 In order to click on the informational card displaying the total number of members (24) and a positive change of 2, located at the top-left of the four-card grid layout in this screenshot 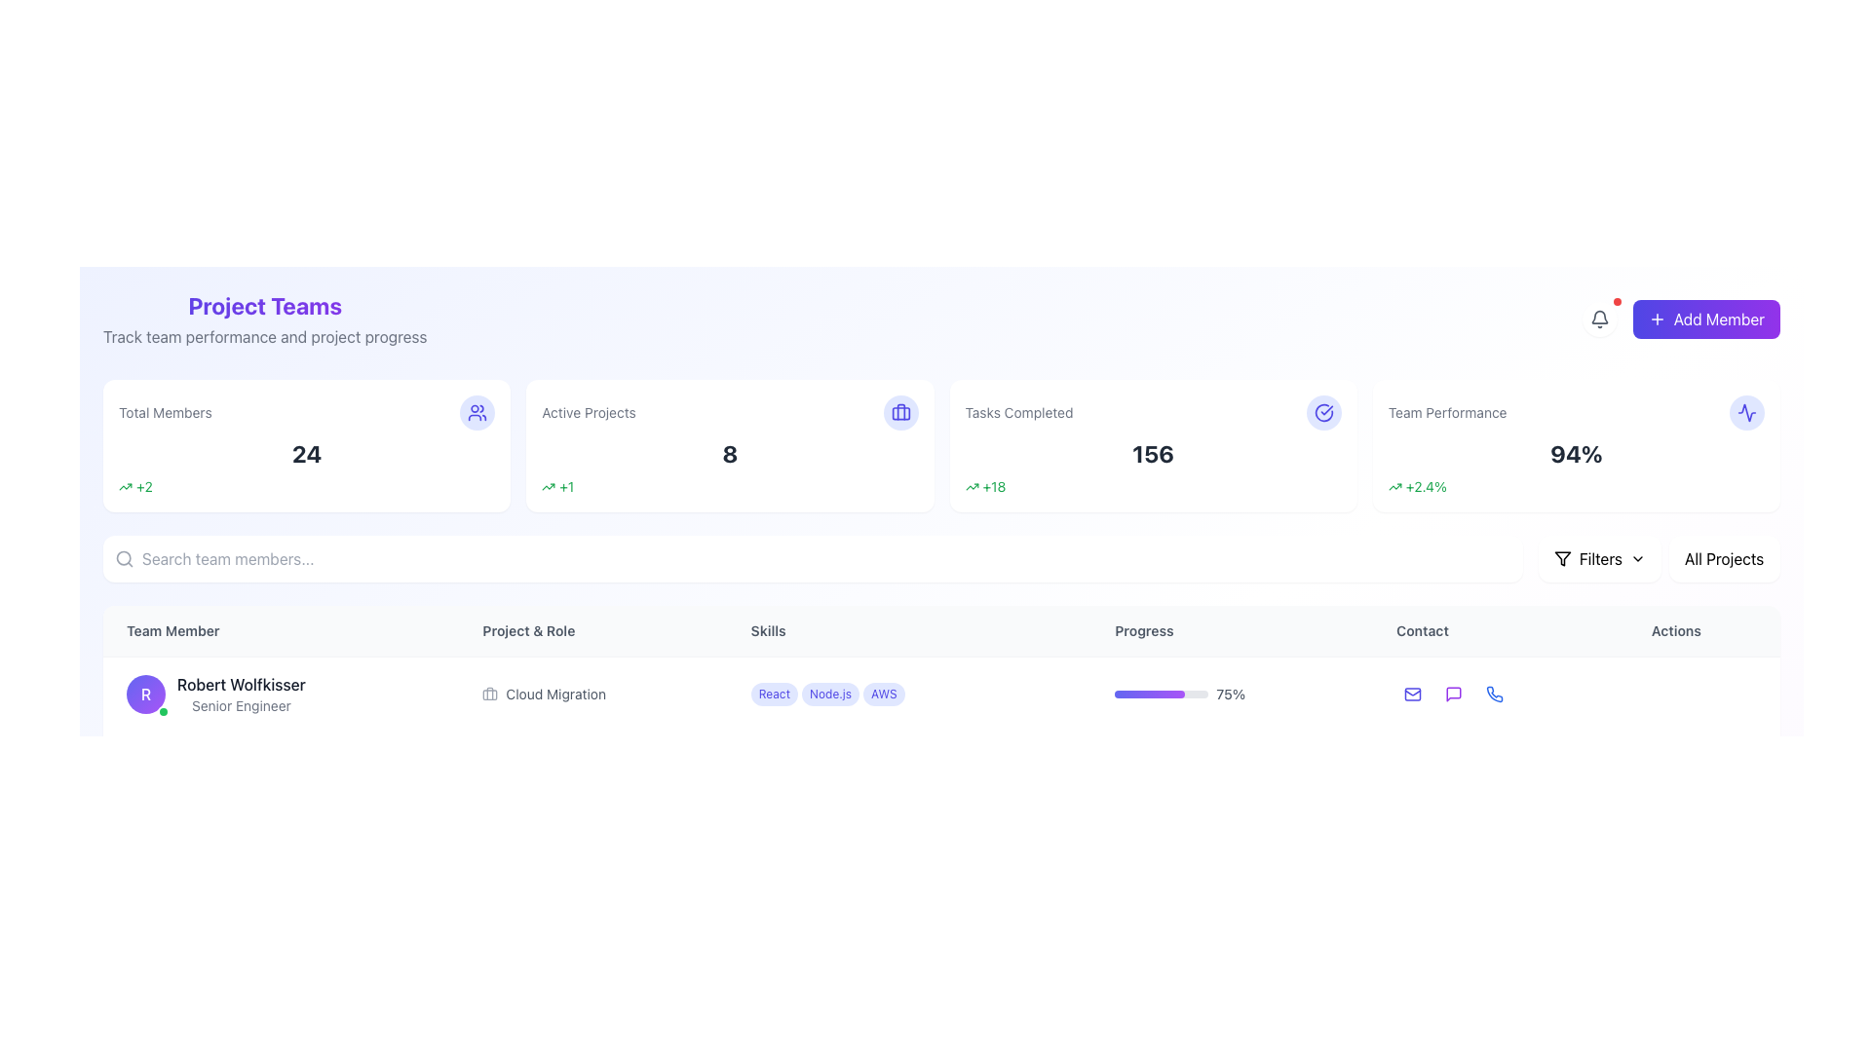, I will do `click(306, 446)`.